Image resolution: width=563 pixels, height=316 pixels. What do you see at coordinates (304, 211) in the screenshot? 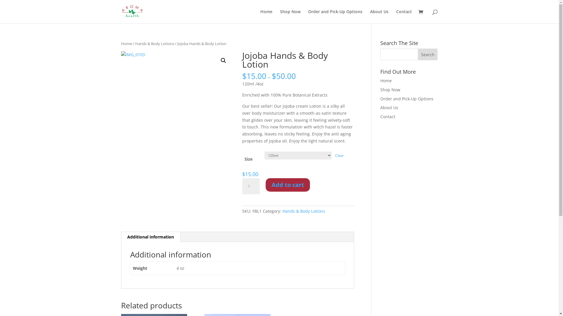
I see `'Hands & Body Lotions'` at bounding box center [304, 211].